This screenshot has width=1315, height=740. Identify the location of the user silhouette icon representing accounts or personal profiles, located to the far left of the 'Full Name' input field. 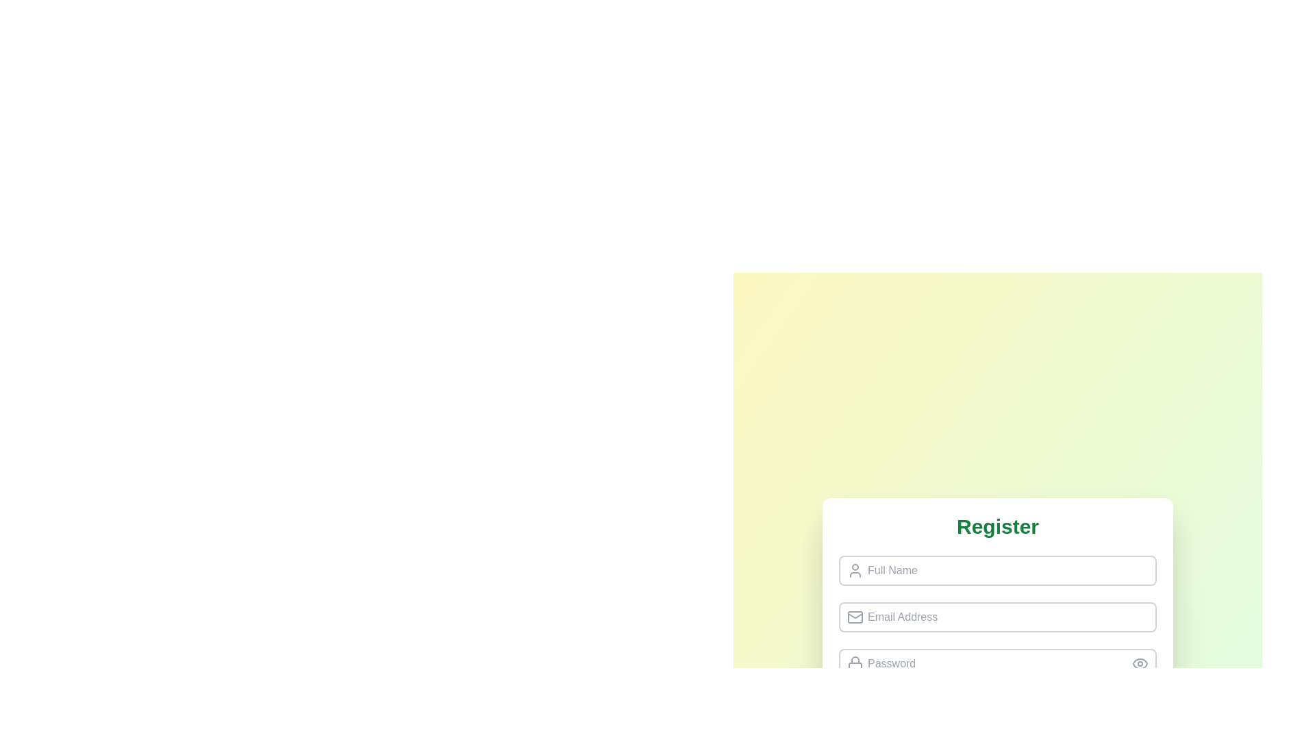
(854, 571).